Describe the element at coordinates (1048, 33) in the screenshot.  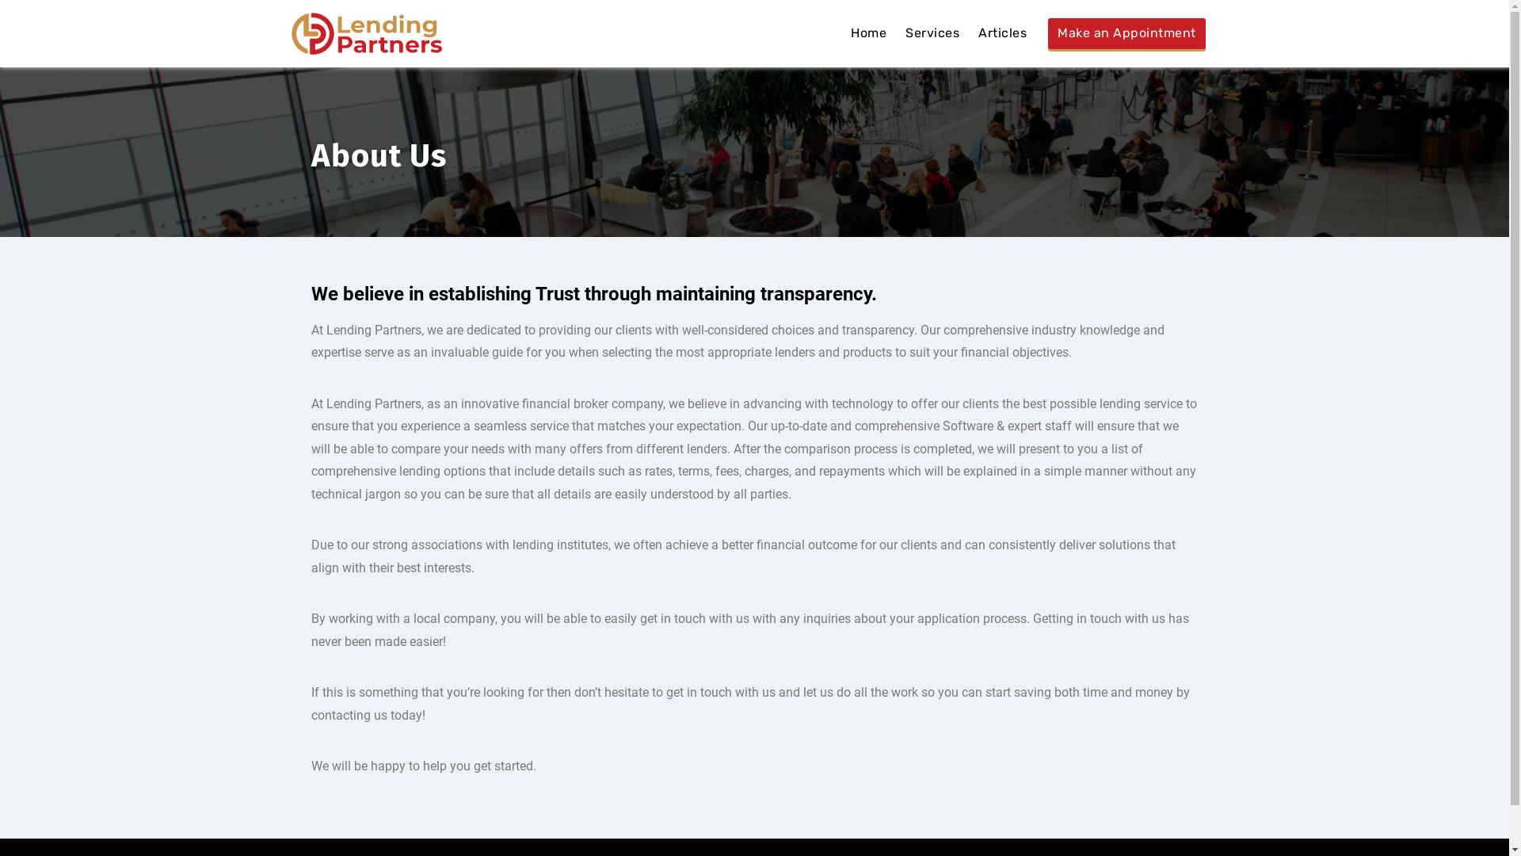
I see `'Make an Appointment'` at that location.